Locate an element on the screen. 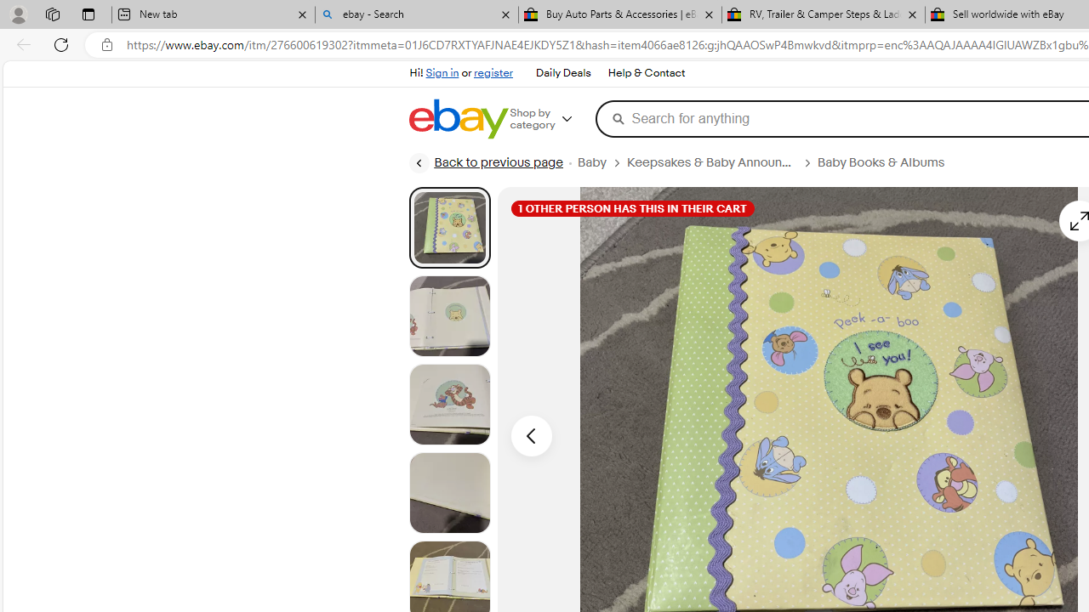 This screenshot has width=1089, height=612. 'Help & Contact' is located at coordinates (646, 73).